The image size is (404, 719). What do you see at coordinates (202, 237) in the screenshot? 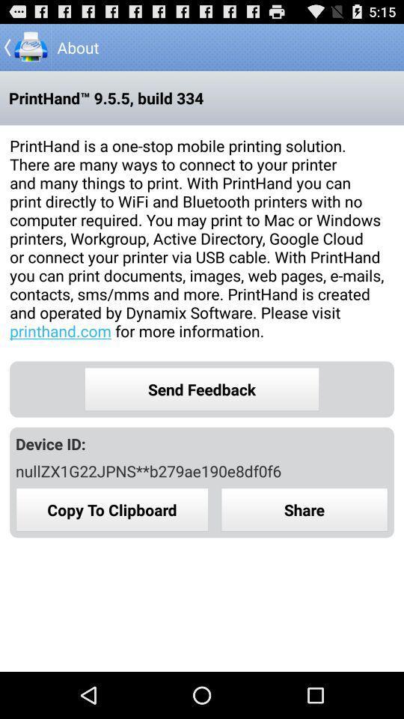
I see `item below printhand 9 5 app` at bounding box center [202, 237].